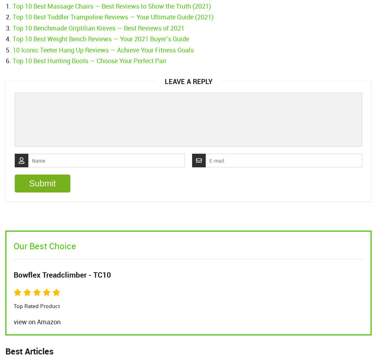  Describe the element at coordinates (188, 81) in the screenshot. I see `'Leave a Reply'` at that location.